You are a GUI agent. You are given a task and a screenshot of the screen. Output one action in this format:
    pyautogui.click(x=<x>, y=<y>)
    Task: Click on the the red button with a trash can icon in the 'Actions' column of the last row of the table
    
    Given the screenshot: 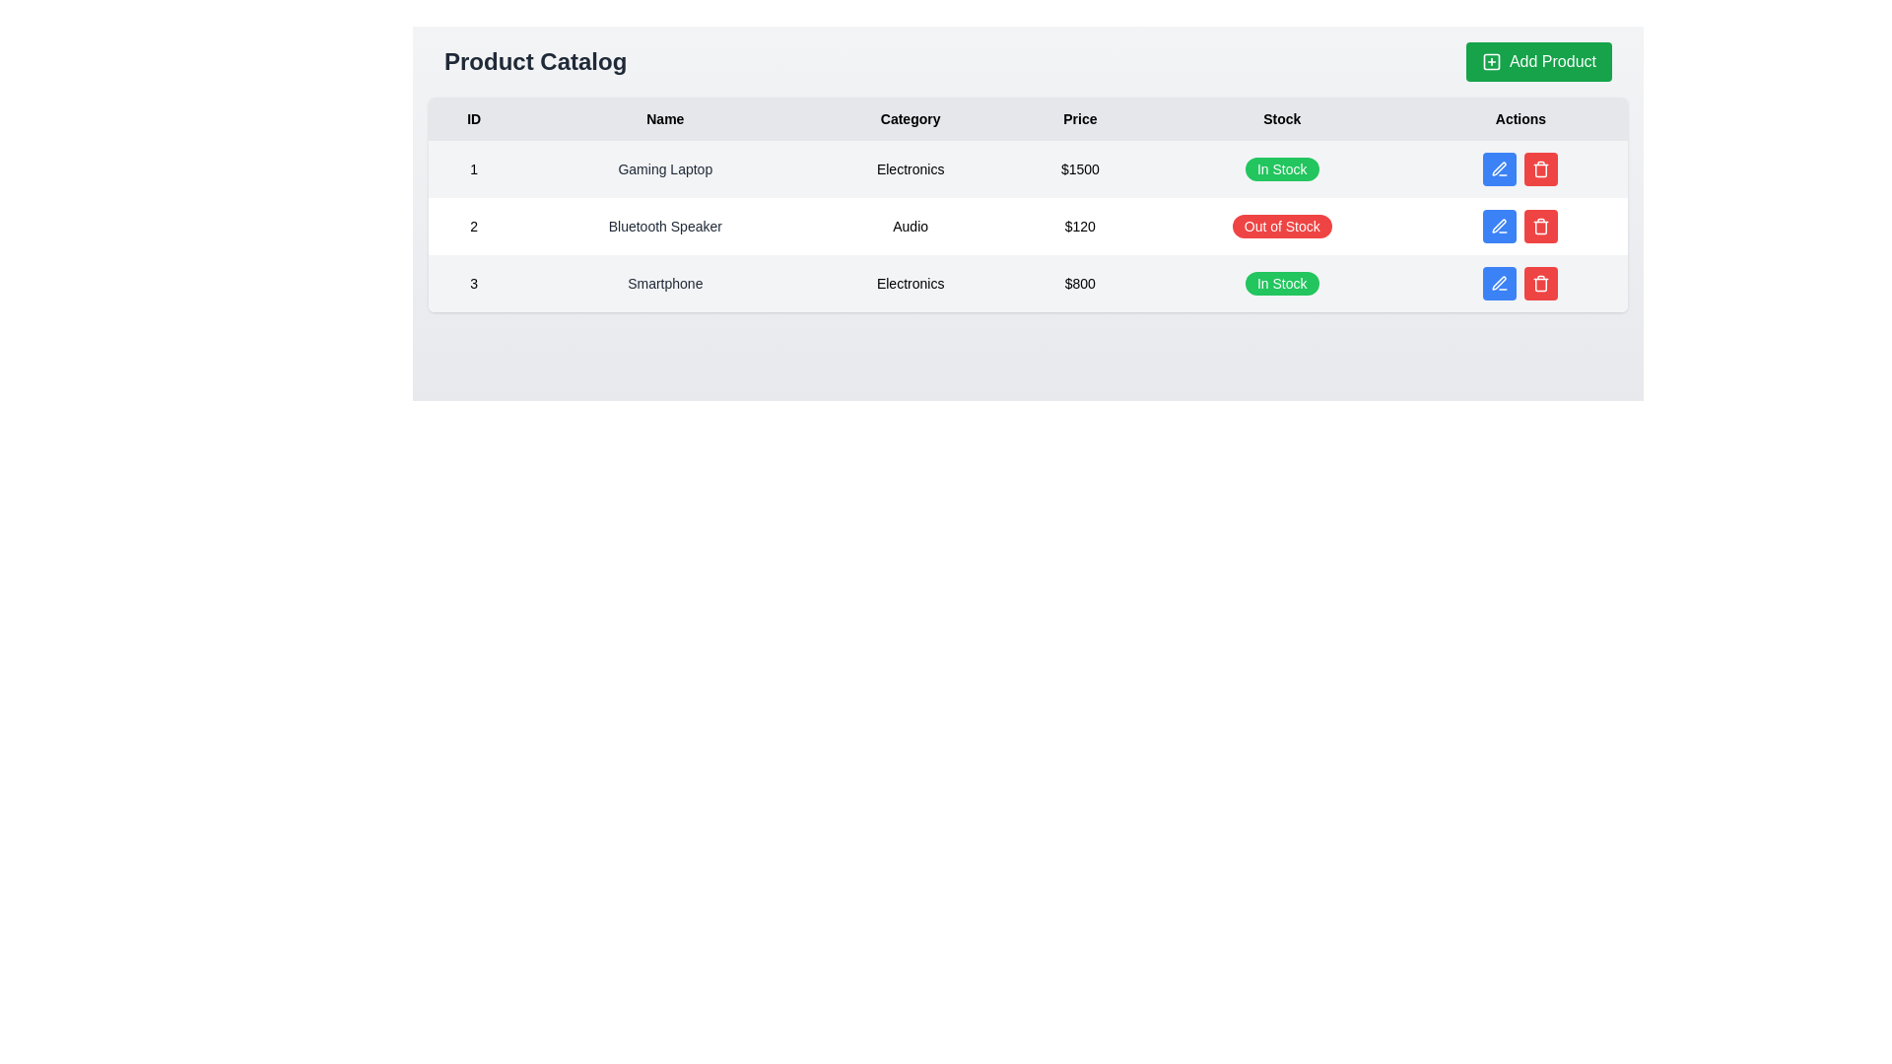 What is the action you would take?
    pyautogui.click(x=1540, y=284)
    